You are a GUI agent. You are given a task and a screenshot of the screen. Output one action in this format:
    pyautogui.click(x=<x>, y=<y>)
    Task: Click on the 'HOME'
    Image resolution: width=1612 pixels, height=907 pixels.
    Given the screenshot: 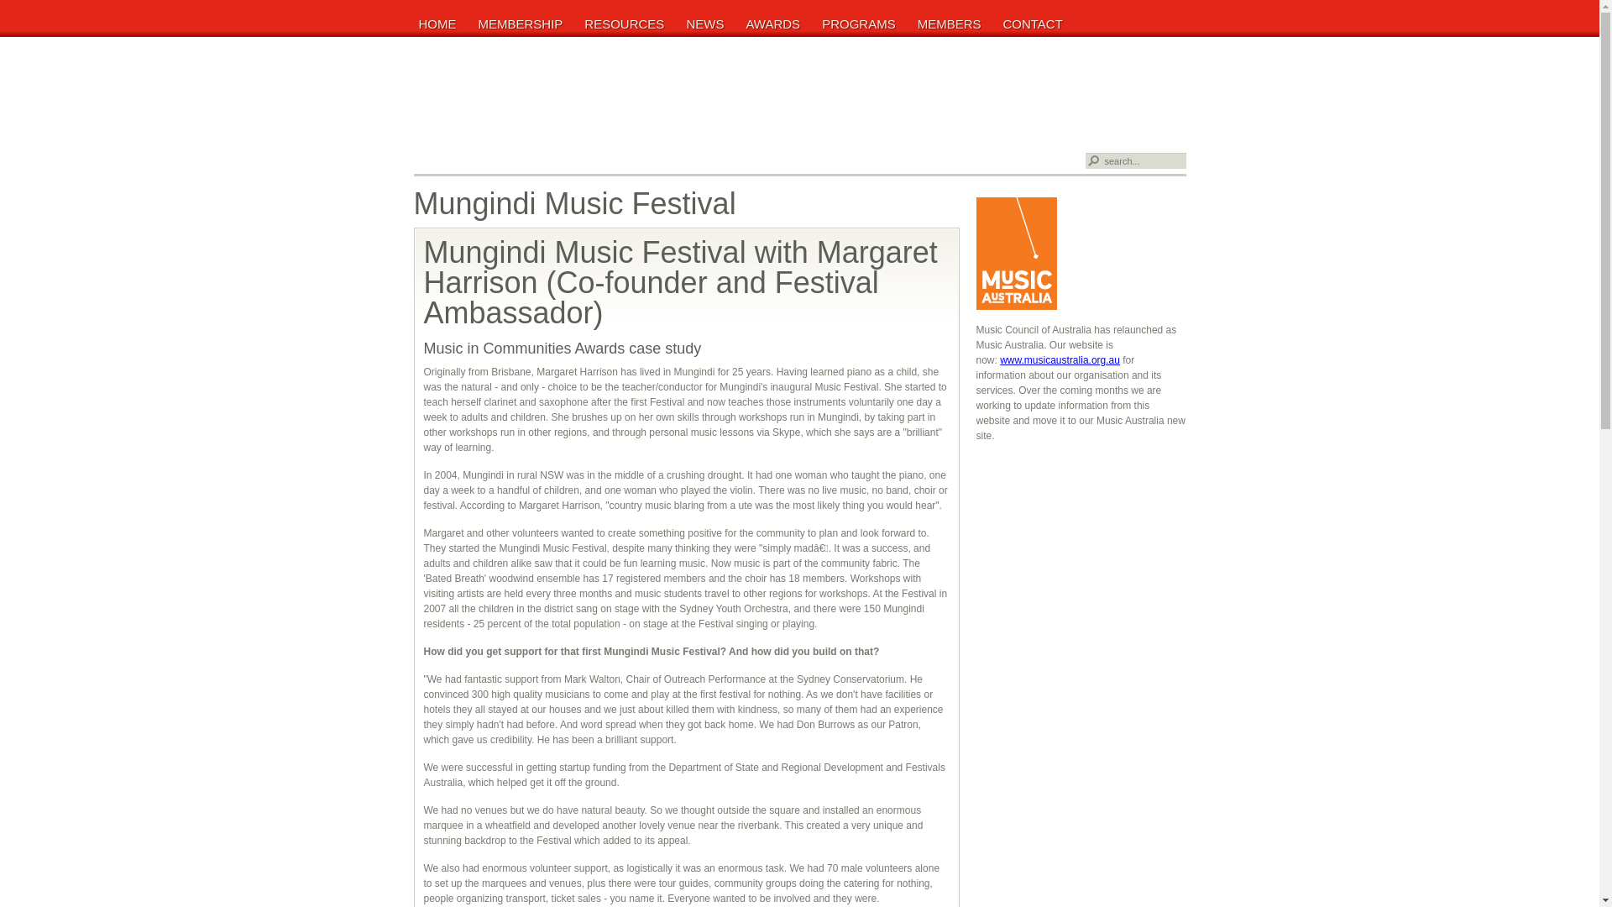 What is the action you would take?
    pyautogui.click(x=439, y=23)
    